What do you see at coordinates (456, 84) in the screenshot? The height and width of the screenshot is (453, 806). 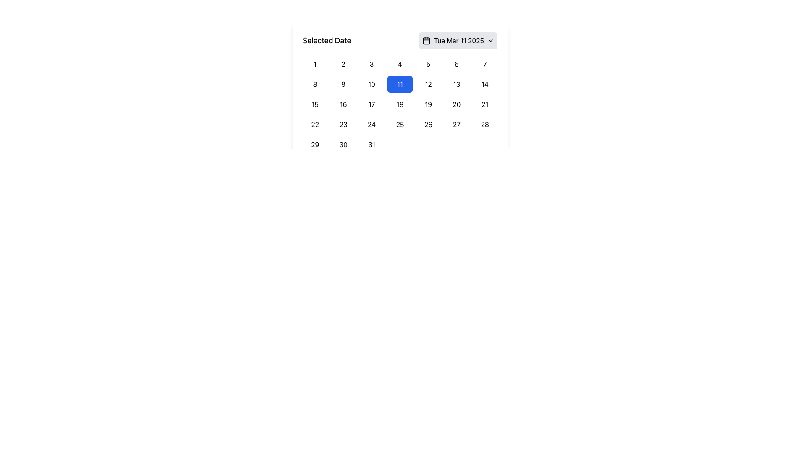 I see `the day selection button for the 13th date in the calendar interface` at bounding box center [456, 84].